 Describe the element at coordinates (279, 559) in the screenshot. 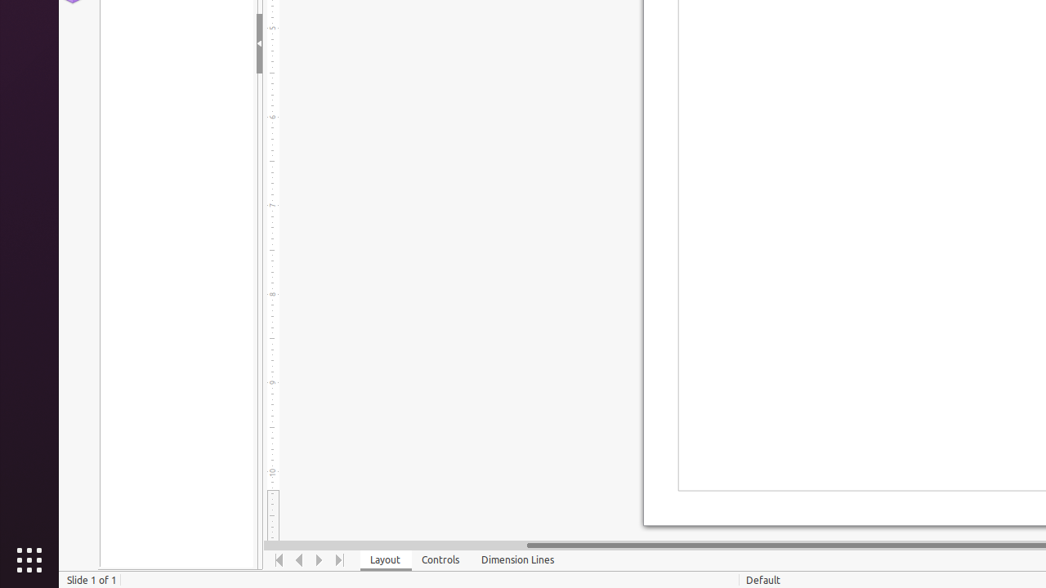

I see `'Move To Home'` at that location.